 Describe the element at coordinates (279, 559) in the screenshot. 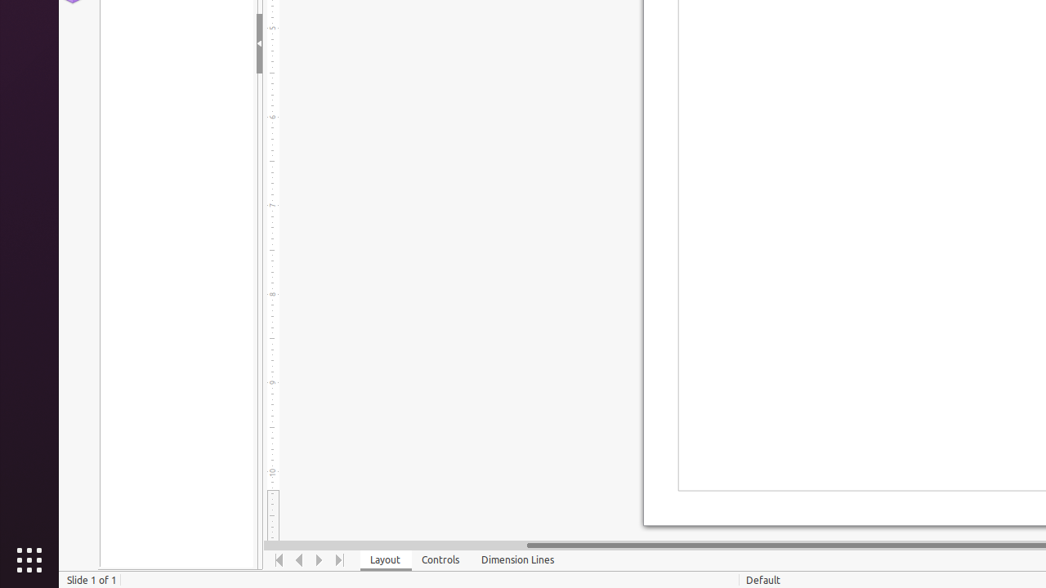

I see `'Move To Home'` at that location.